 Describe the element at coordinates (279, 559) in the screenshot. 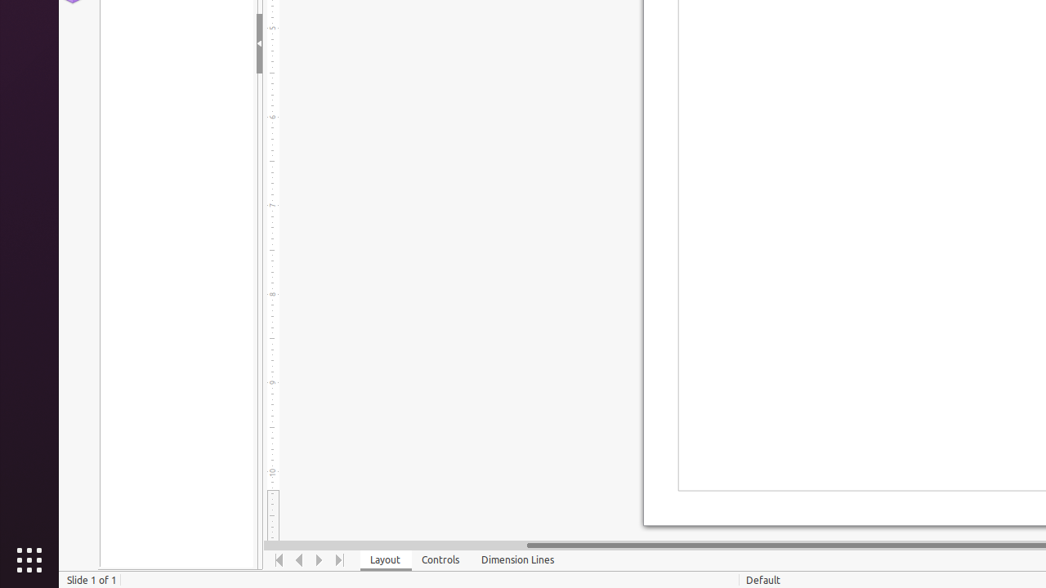

I see `'Move To Home'` at that location.